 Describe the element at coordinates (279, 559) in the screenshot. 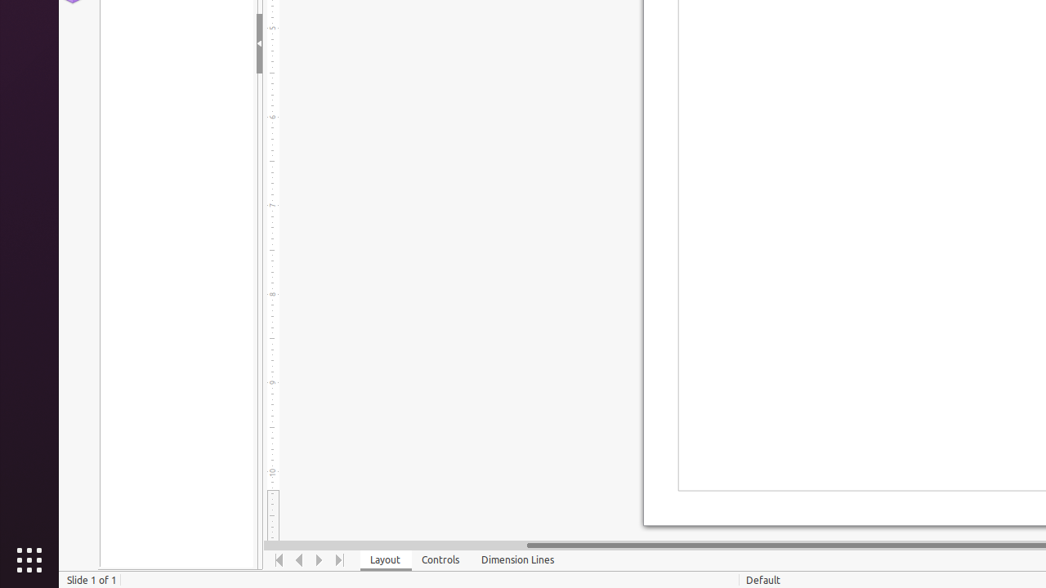

I see `'Move To Home'` at that location.